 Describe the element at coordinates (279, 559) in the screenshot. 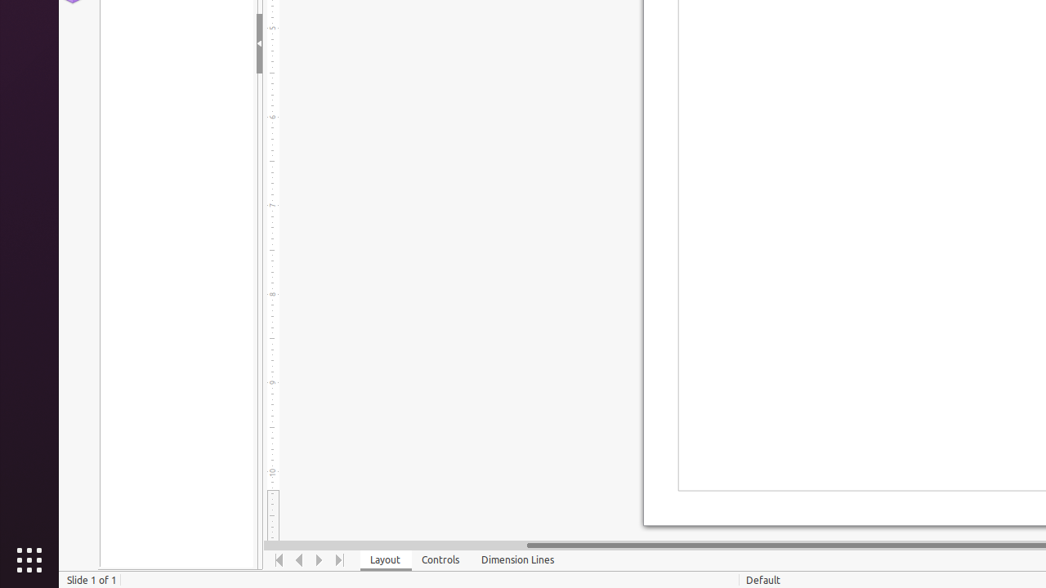

I see `'Move To Home'` at that location.